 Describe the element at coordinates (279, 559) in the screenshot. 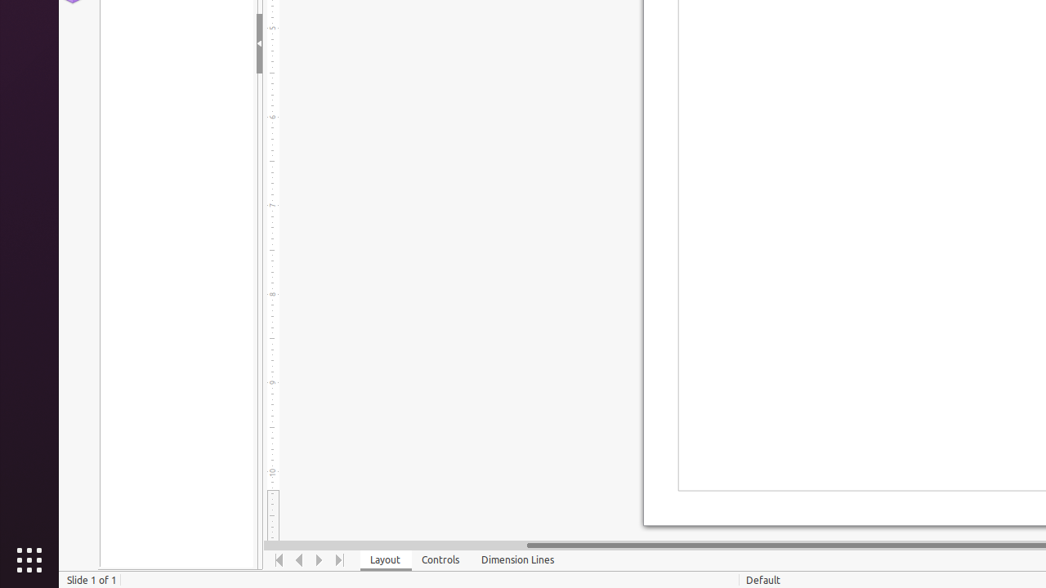

I see `'Move To Home'` at that location.